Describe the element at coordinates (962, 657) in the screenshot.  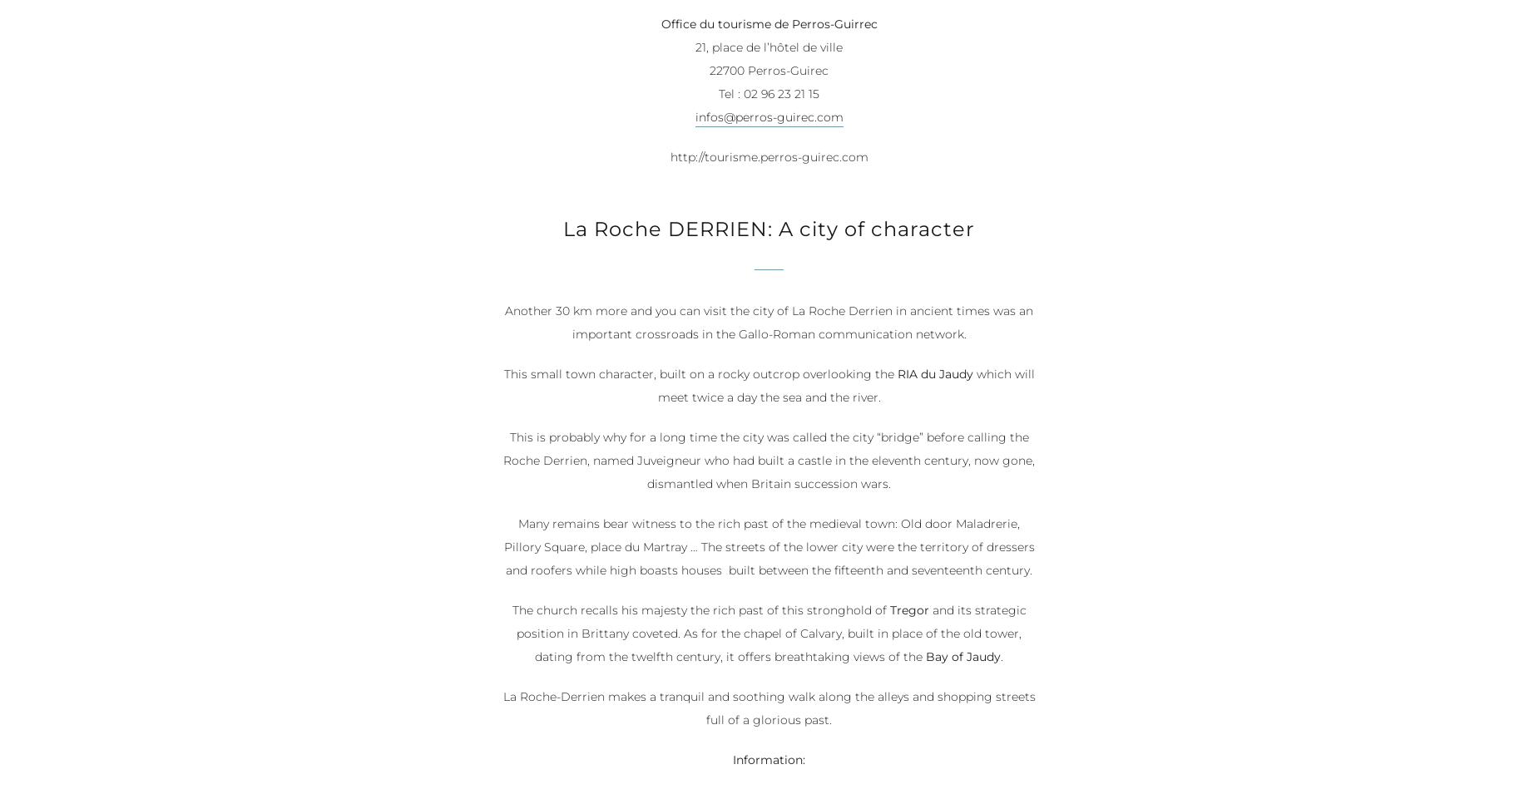
I see `'Bay of Jaudy'` at that location.